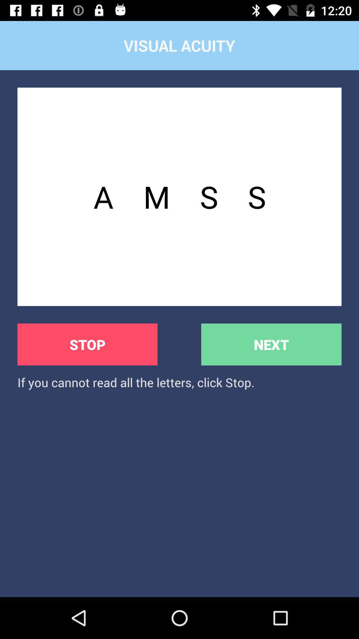  Describe the element at coordinates (271, 344) in the screenshot. I see `the button next to the stop item` at that location.